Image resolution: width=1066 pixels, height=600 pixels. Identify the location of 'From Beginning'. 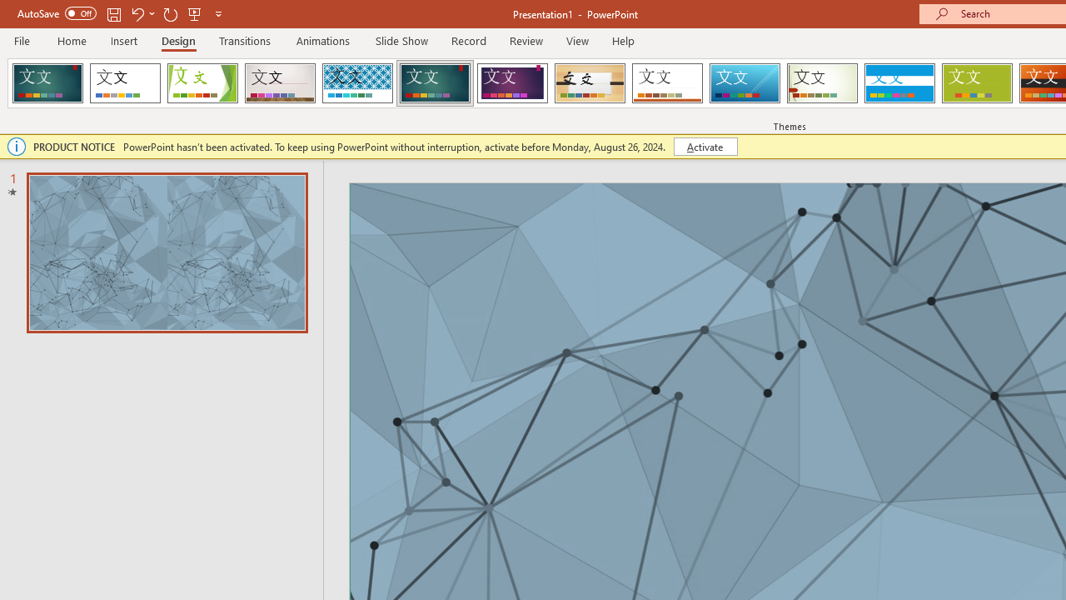
(195, 13).